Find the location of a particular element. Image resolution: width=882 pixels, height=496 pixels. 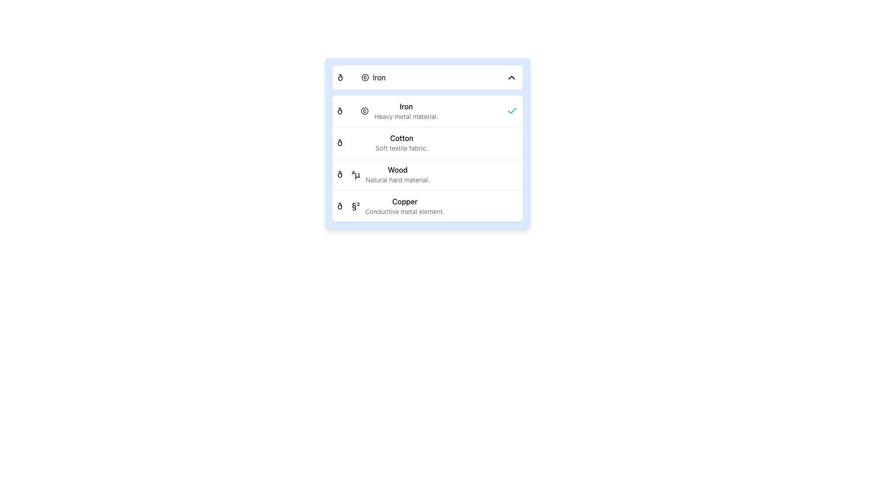

the dropdown option for 'Copper', which is the last option in the dropdown menu for materials is located at coordinates (404, 205).